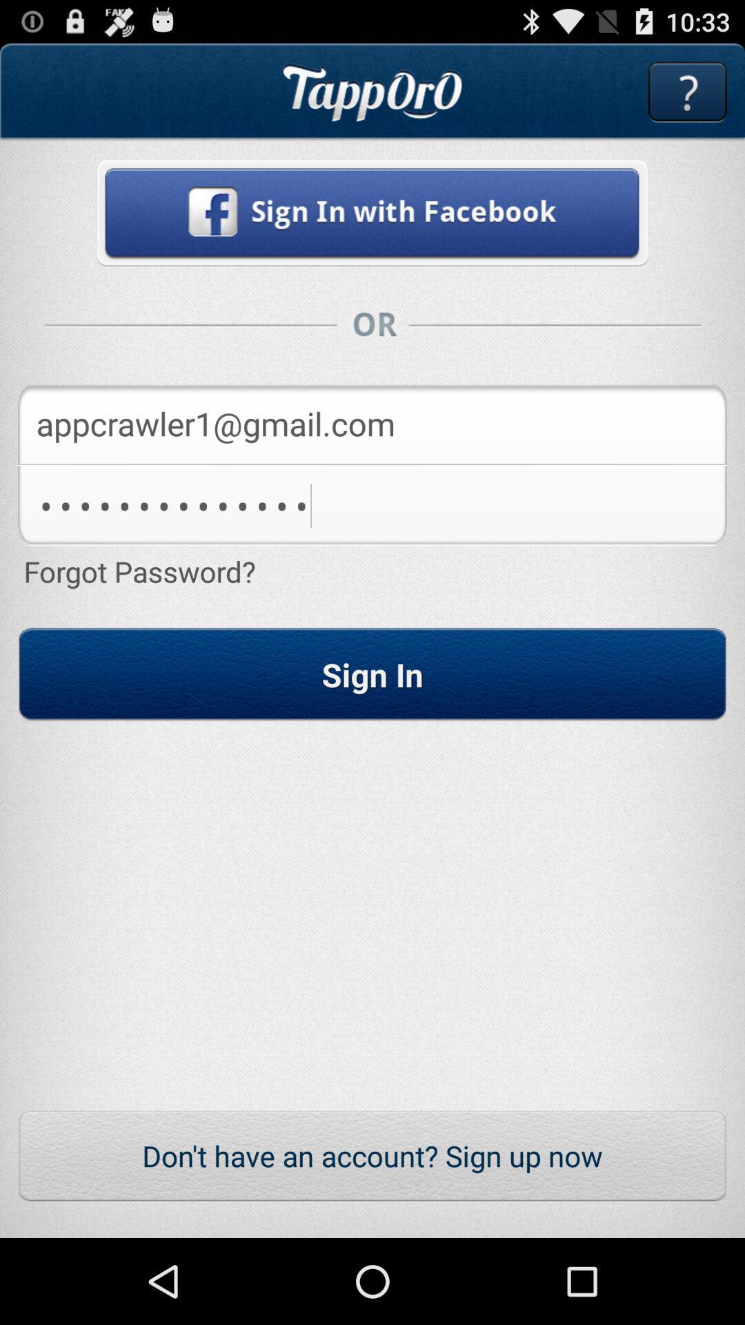  Describe the element at coordinates (687, 91) in the screenshot. I see `open help menu` at that location.